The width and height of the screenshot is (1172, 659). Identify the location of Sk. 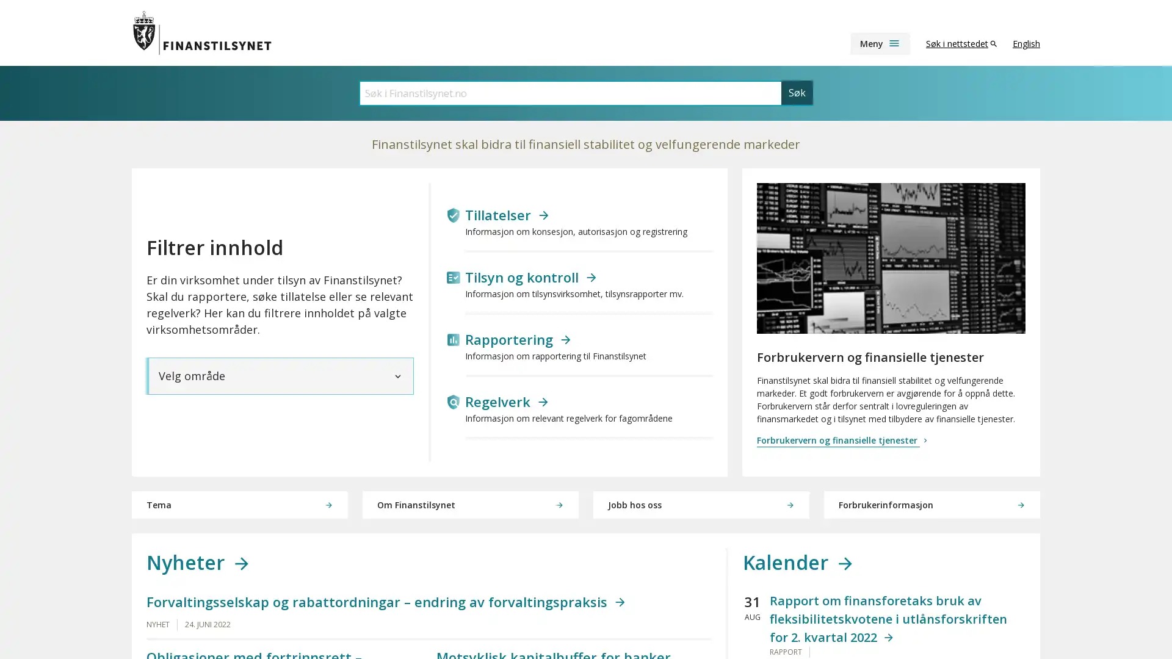
(797, 91).